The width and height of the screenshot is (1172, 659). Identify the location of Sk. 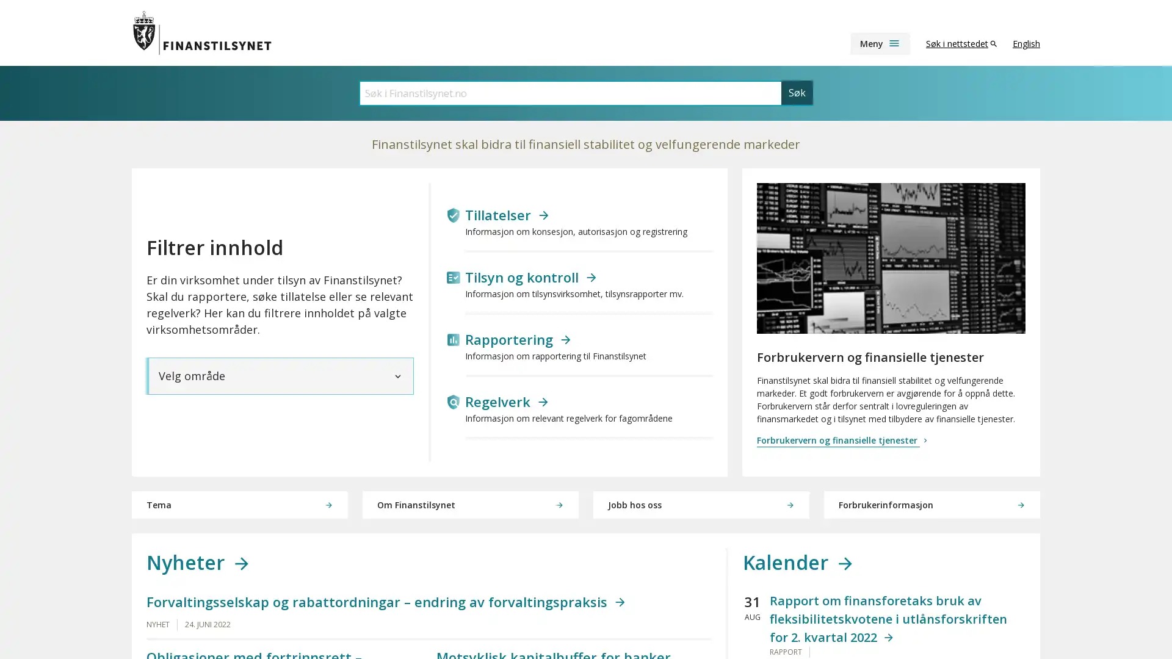
(797, 91).